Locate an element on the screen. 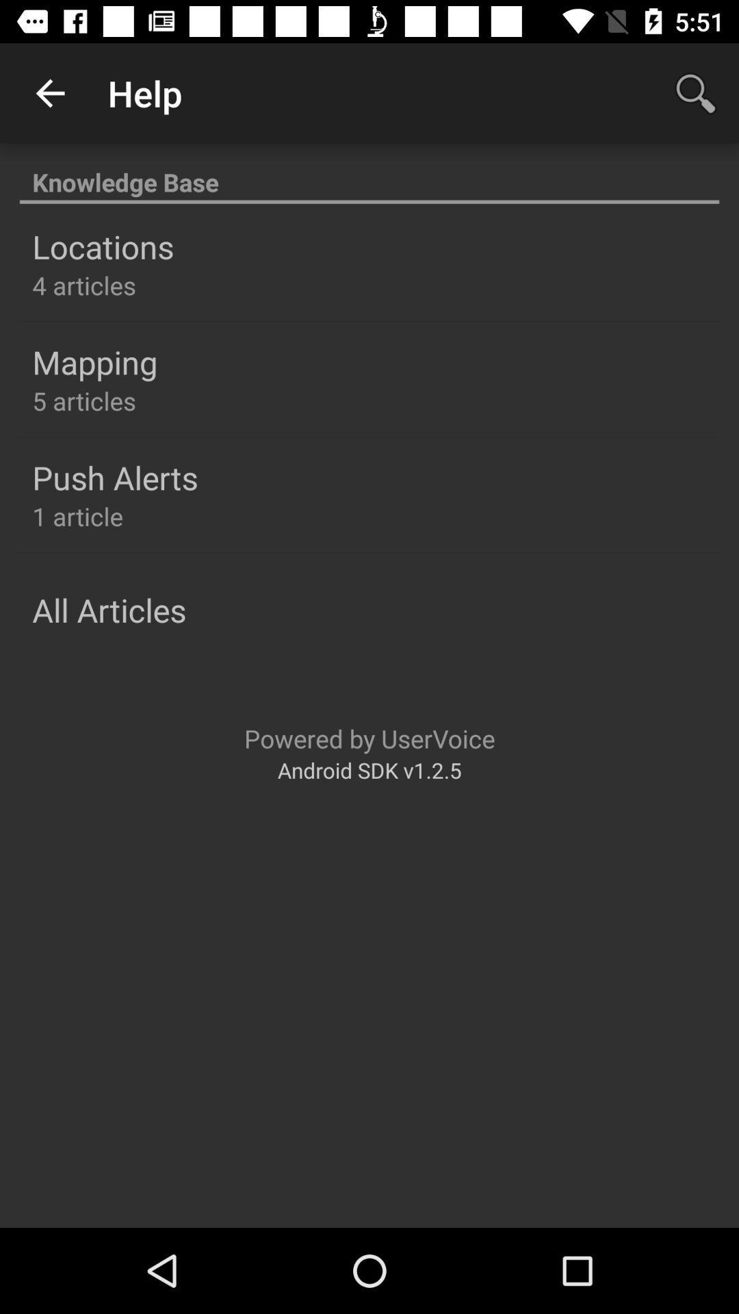 The height and width of the screenshot is (1314, 739). the 1 article icon is located at coordinates (77, 515).